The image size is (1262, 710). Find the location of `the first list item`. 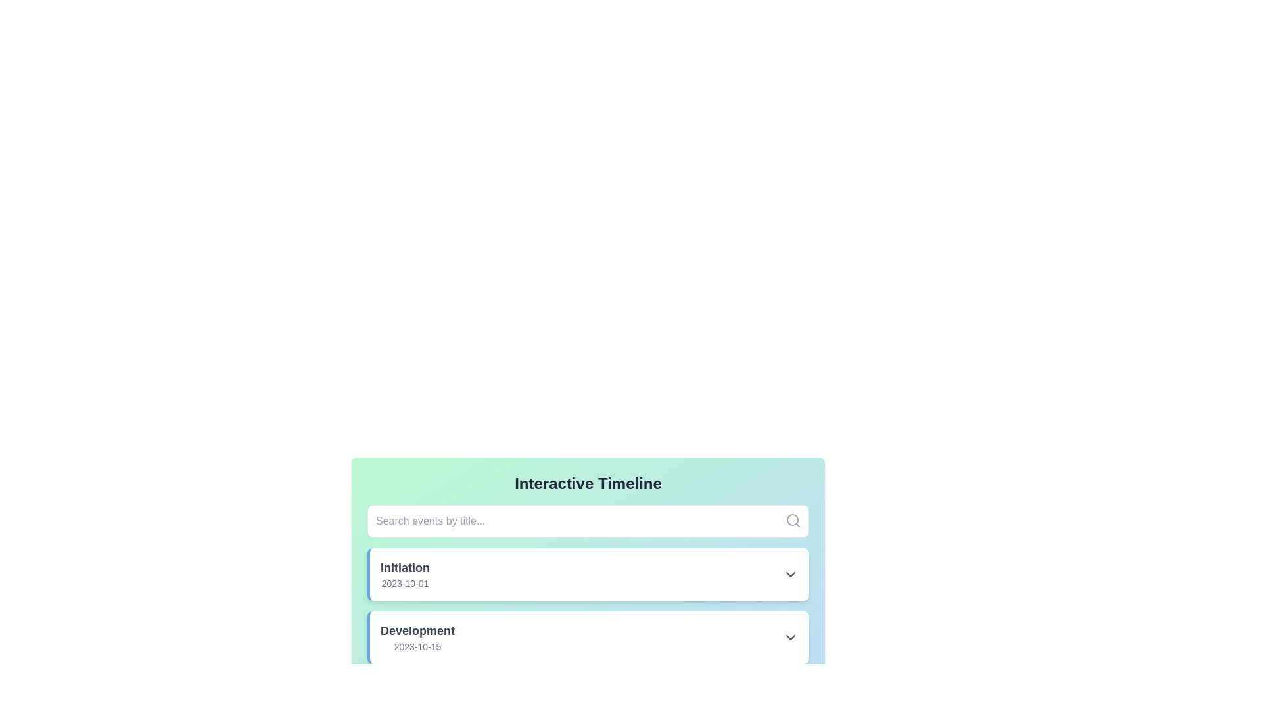

the first list item is located at coordinates (587, 574).